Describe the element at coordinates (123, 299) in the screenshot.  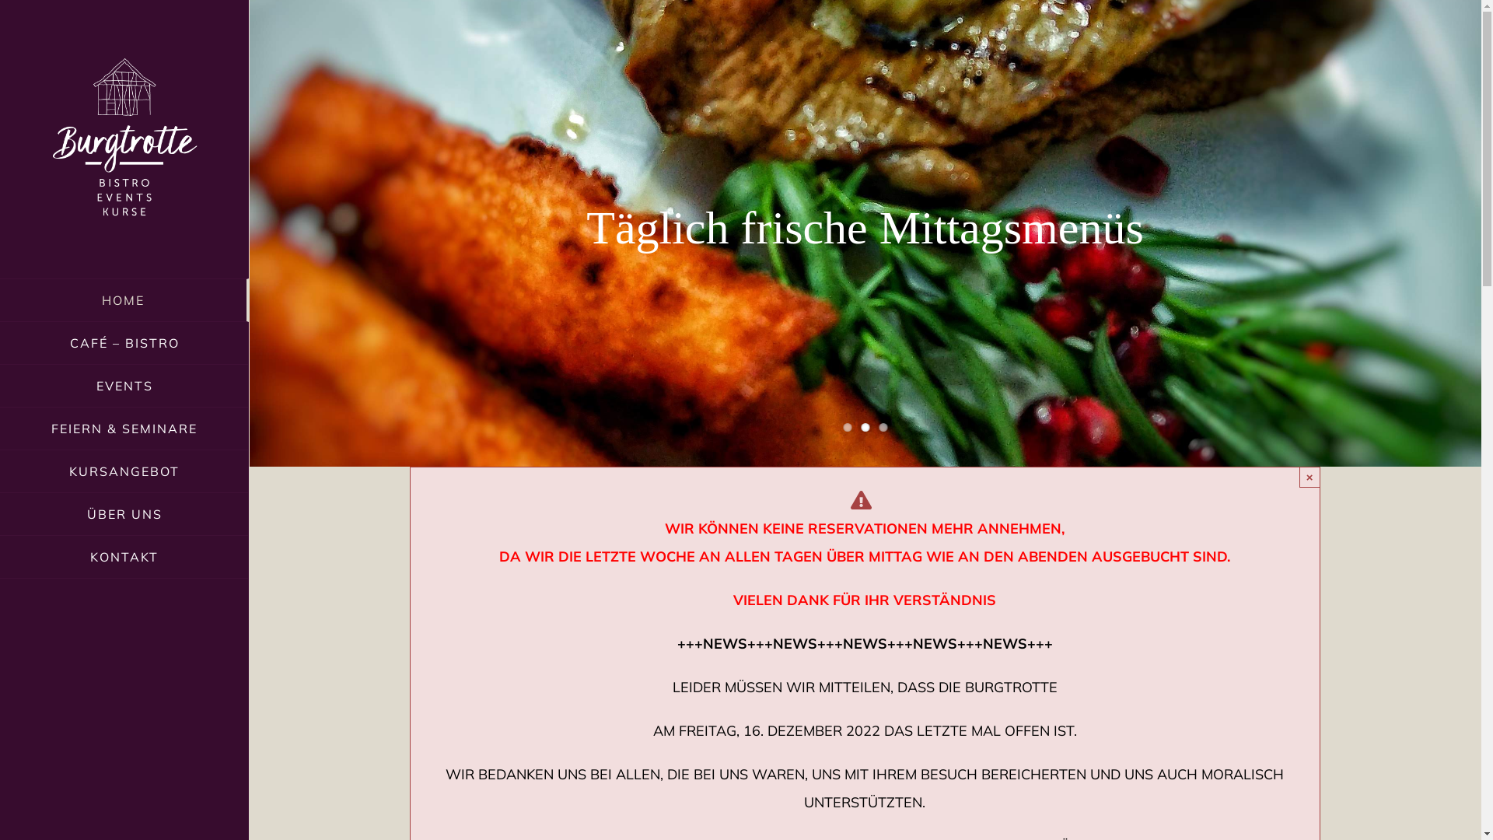
I see `'HOME'` at that location.